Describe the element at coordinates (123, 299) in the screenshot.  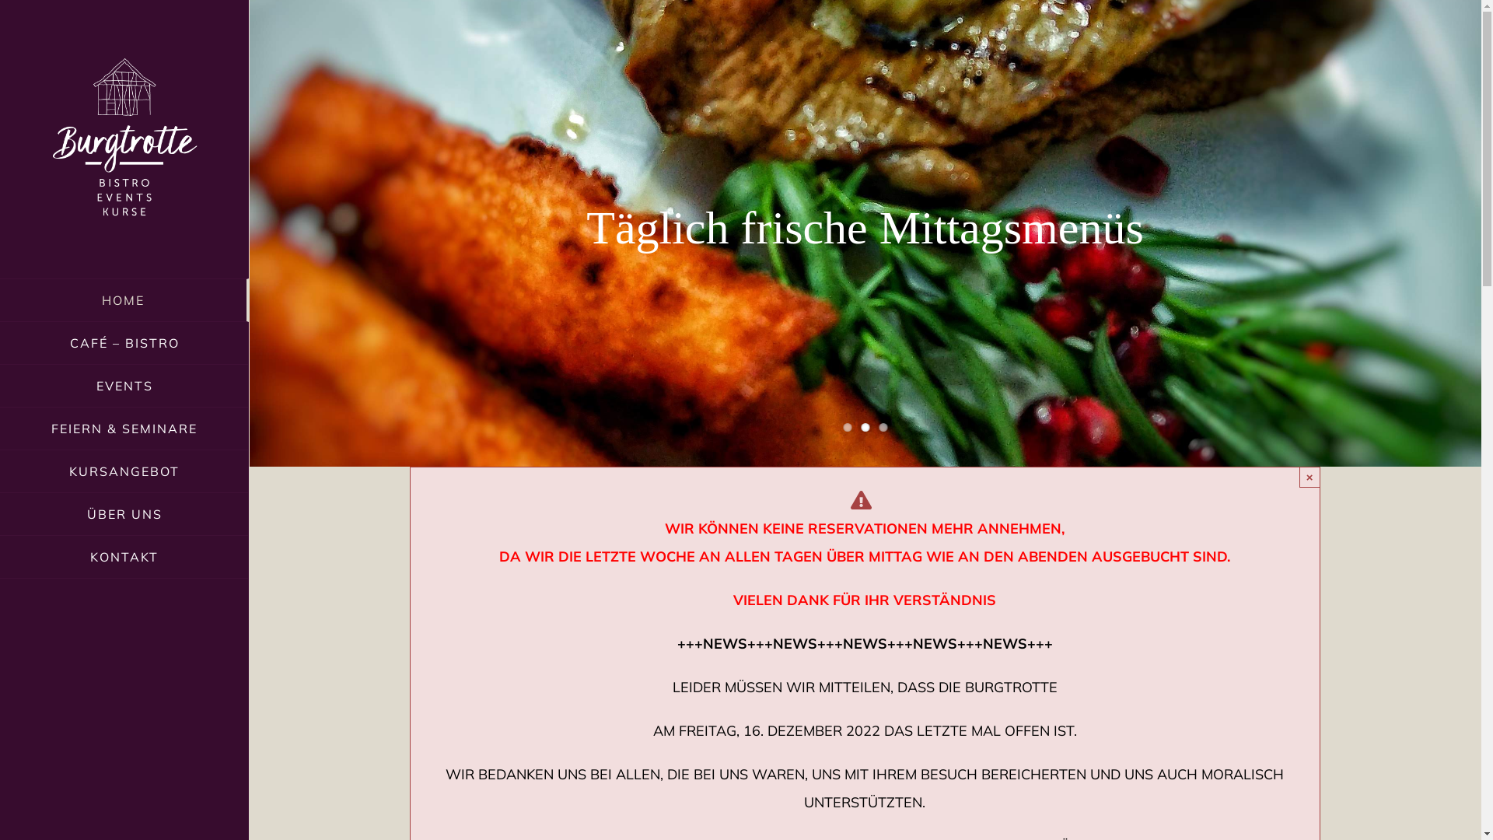
I see `'HOME'` at that location.